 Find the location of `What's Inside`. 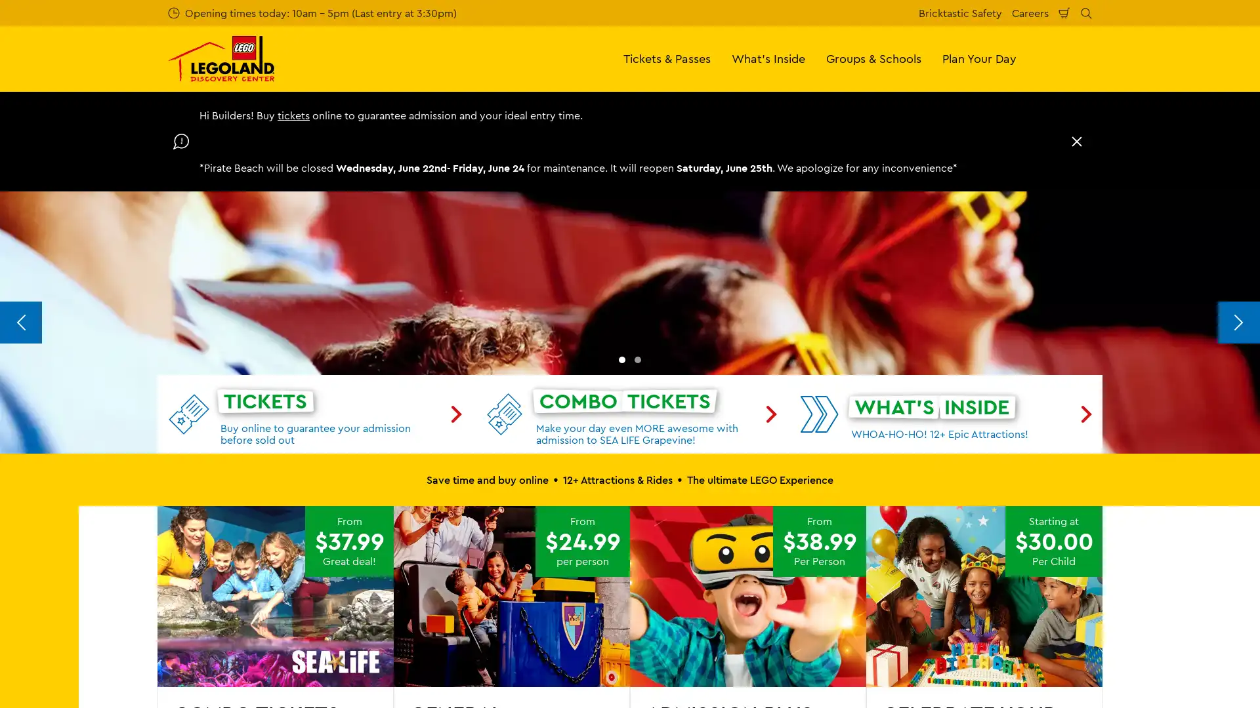

What's Inside is located at coordinates (768, 58).